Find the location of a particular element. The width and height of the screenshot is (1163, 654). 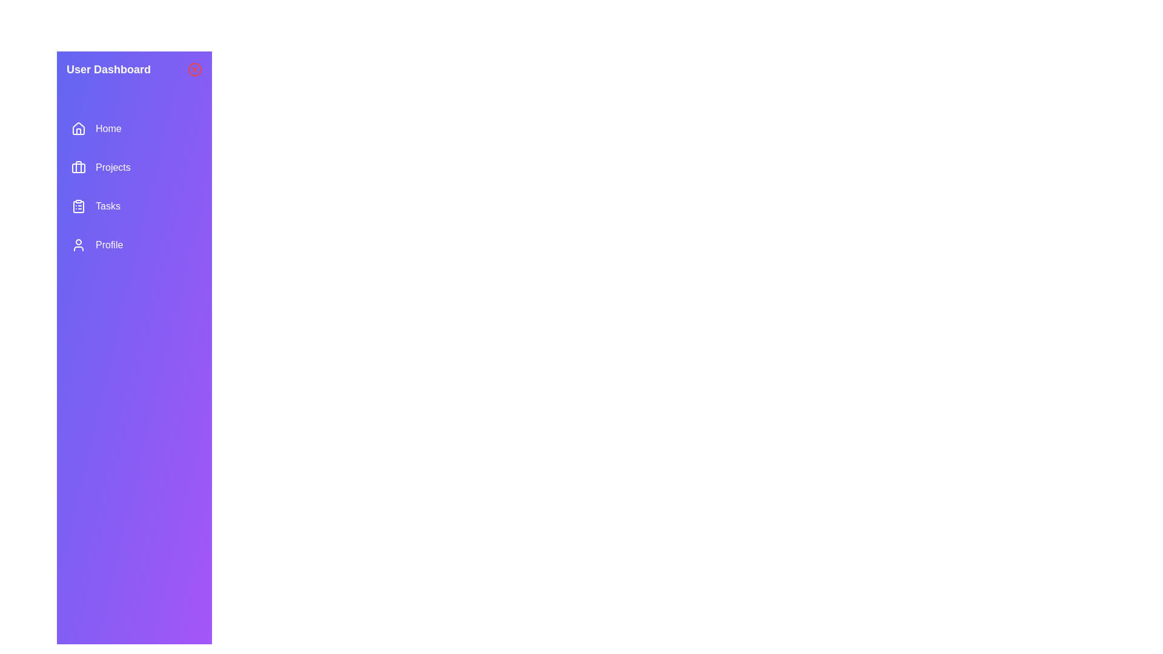

the 'User Dashboard' text label located at the top of the sidebar with a purple gradient background is located at coordinates (108, 70).